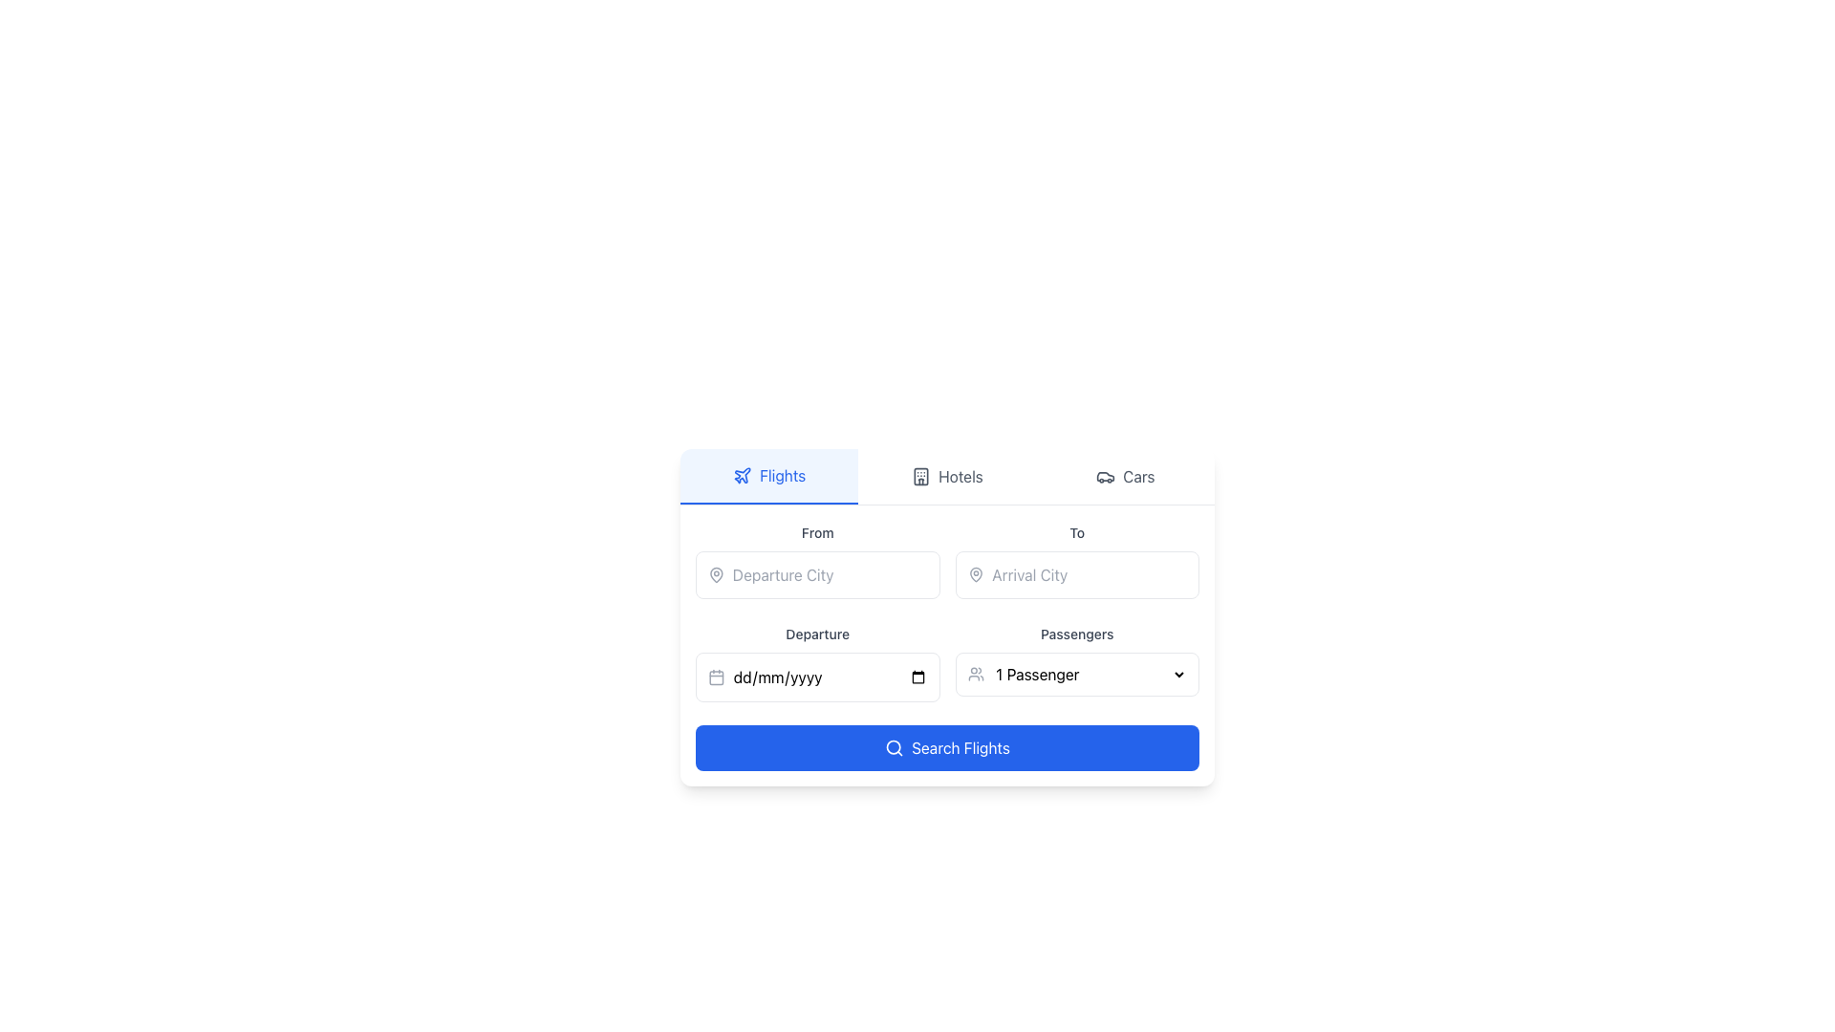  What do you see at coordinates (1090, 673) in the screenshot?
I see `the dropdown menu labeled '1 Passenger'` at bounding box center [1090, 673].